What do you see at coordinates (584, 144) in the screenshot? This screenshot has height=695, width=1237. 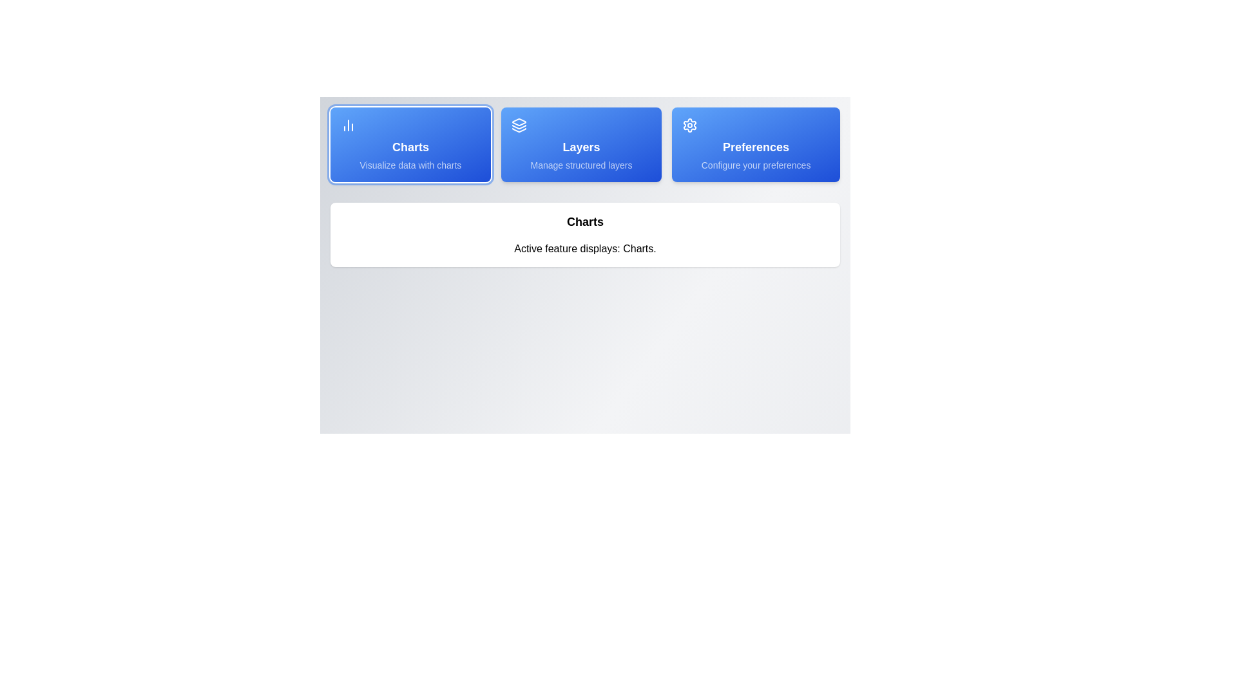 I see `the Interactive navigation panel` at bounding box center [584, 144].